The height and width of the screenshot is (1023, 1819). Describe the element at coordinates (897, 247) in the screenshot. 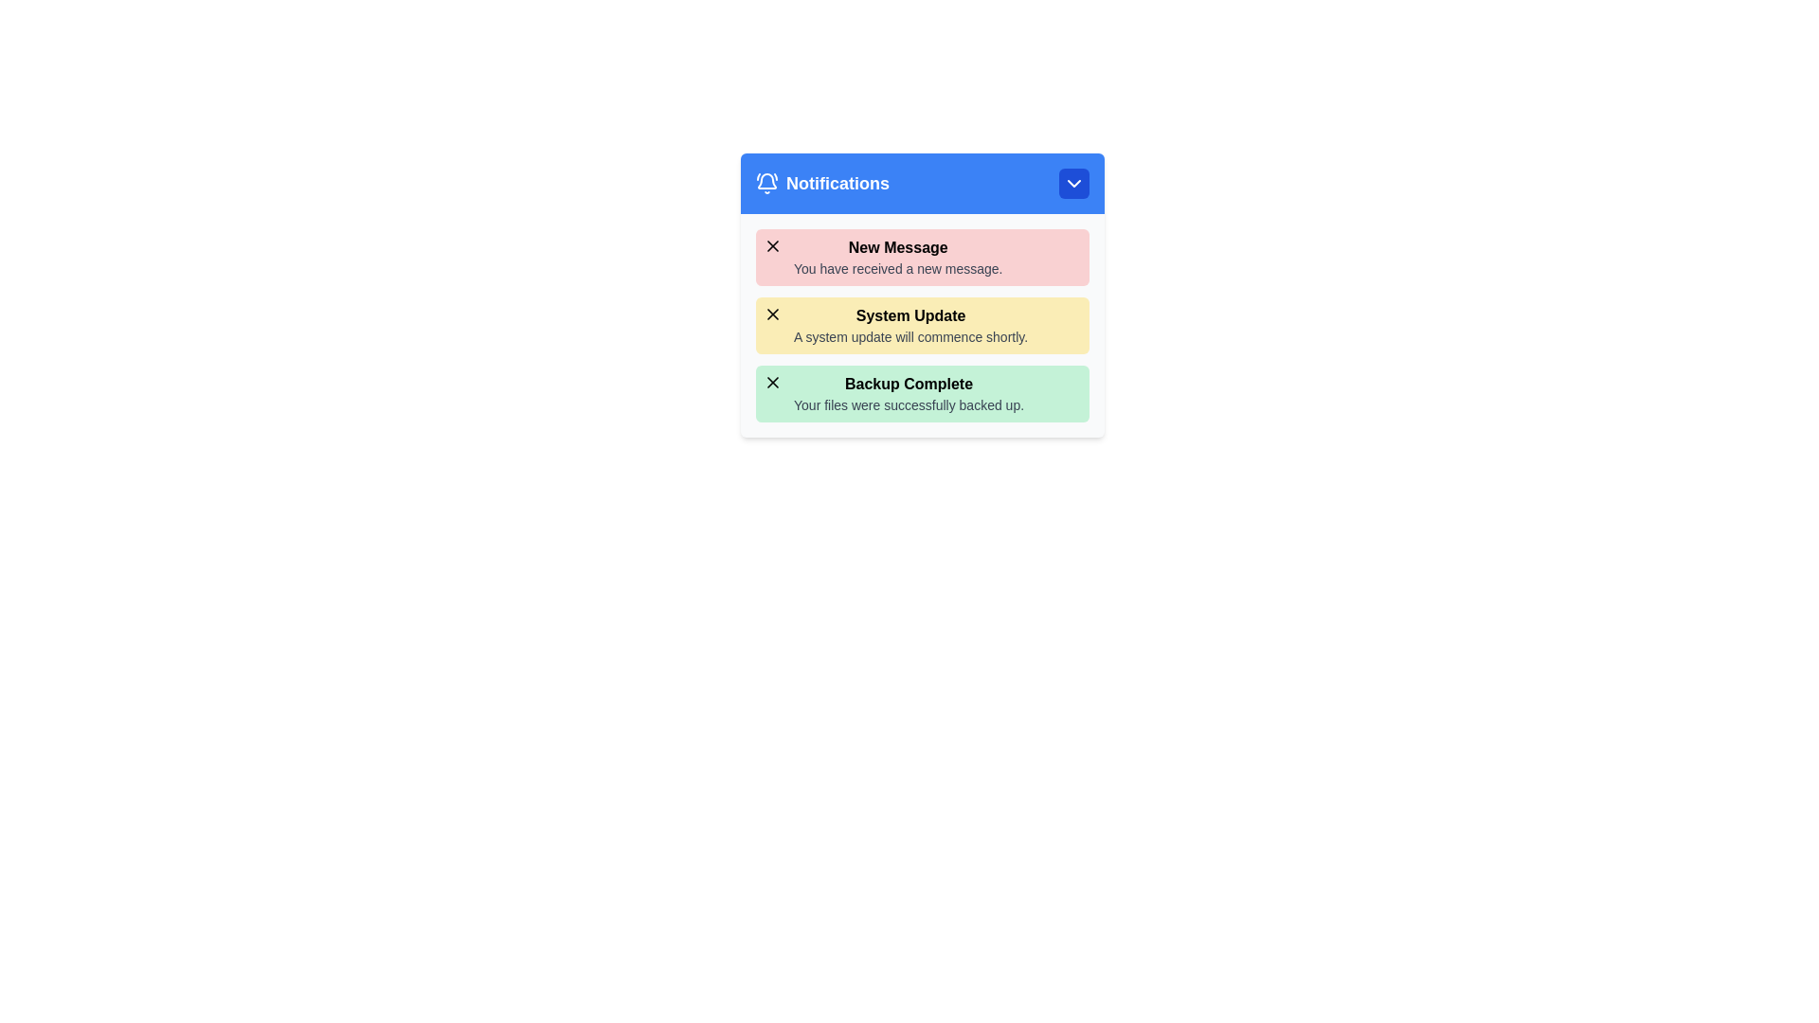

I see `the 'New Message' static text label, which is bold and centrally located within a pink notification block in the first of three notification sections` at that location.